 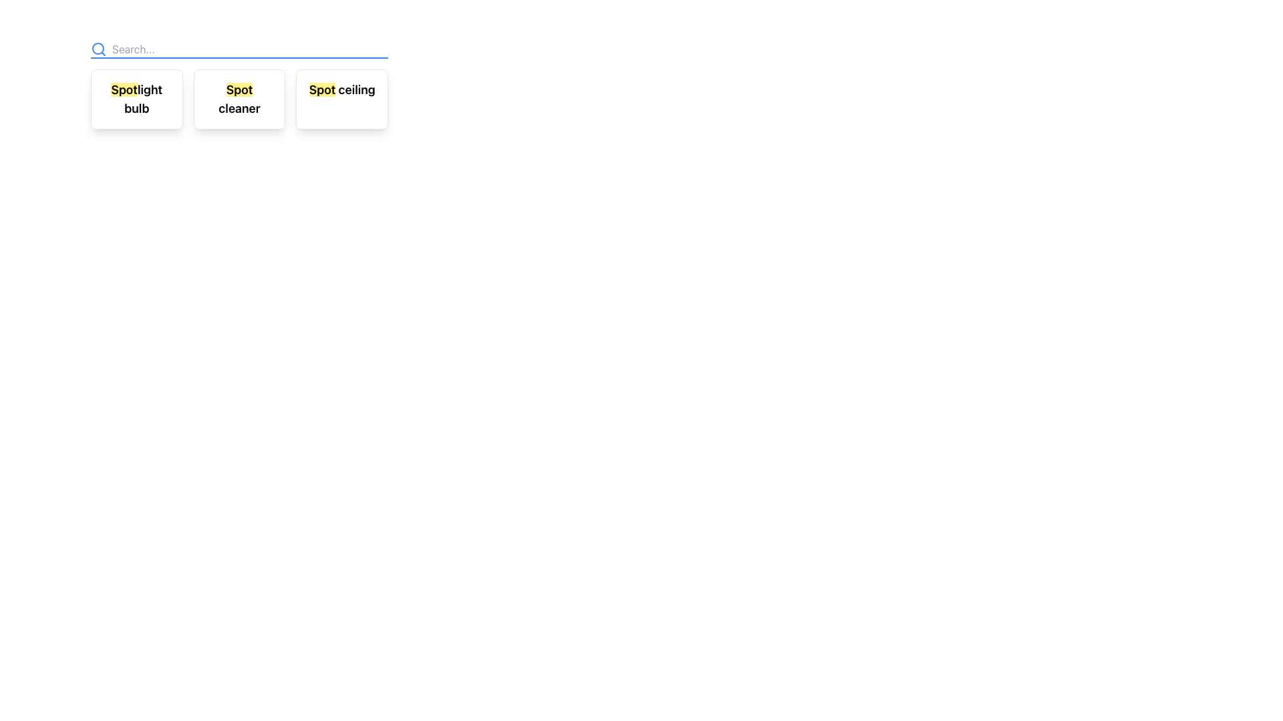 What do you see at coordinates (239, 85) in the screenshot?
I see `the second card labeled 'Spot cleaner' within the grid layout of three feature cards positioned beneath the search bar` at bounding box center [239, 85].